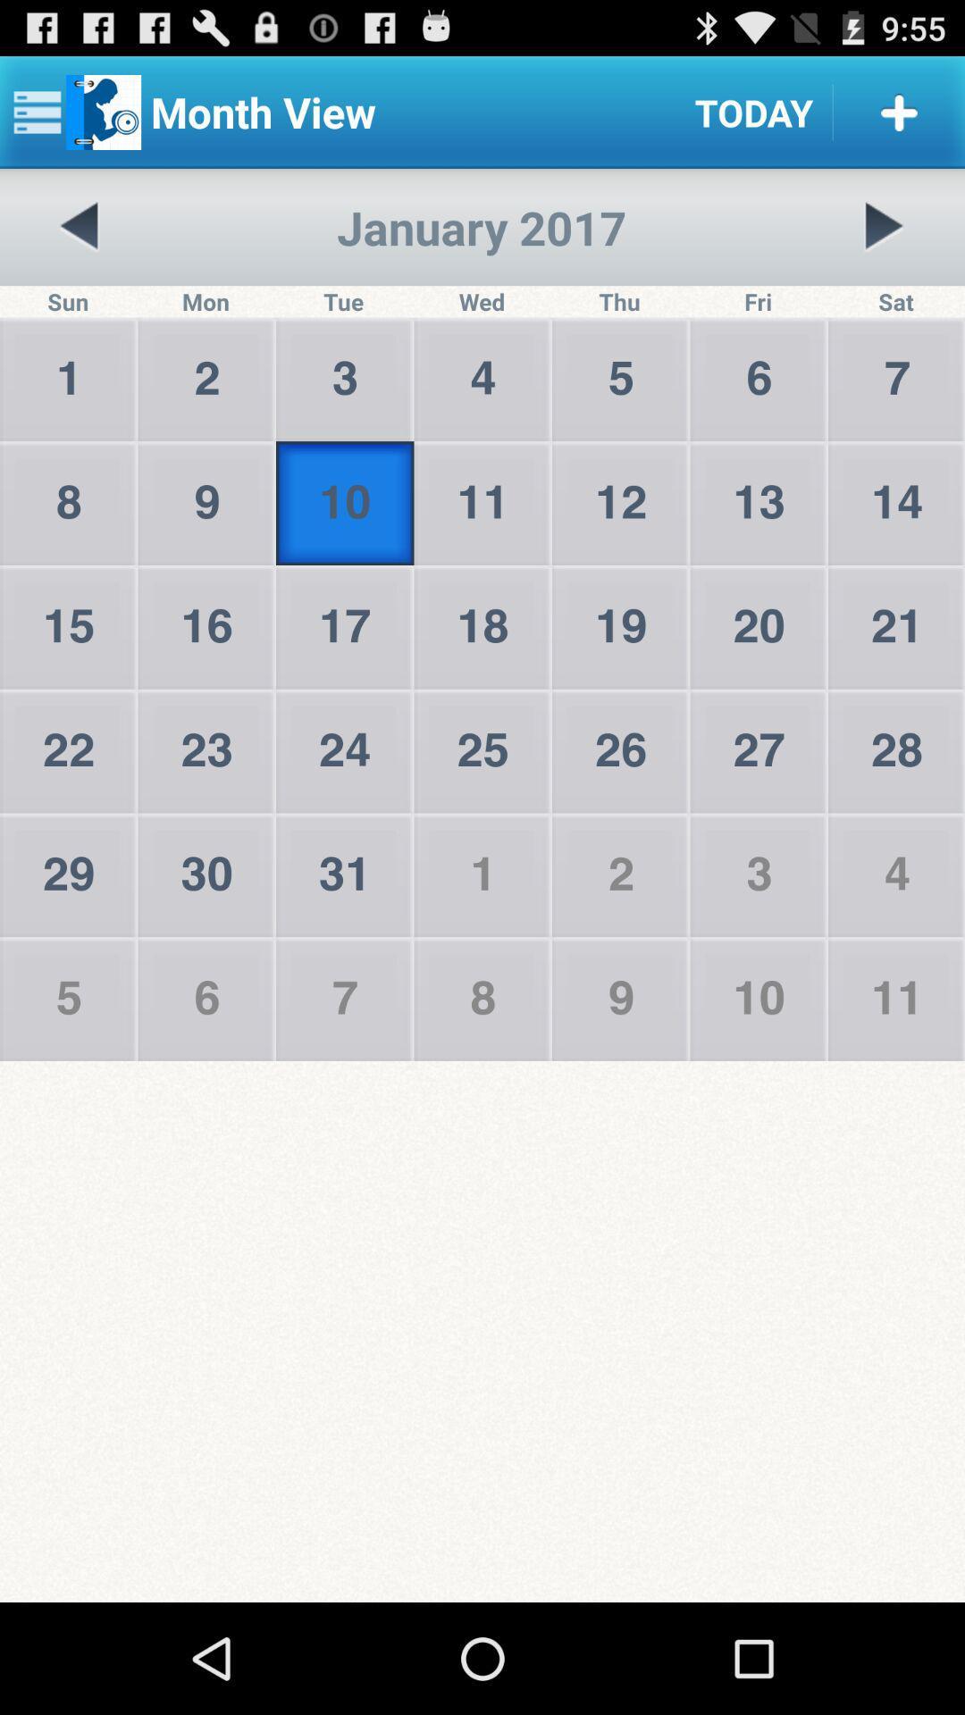 This screenshot has height=1715, width=965. Describe the element at coordinates (79, 226) in the screenshot. I see `go back` at that location.